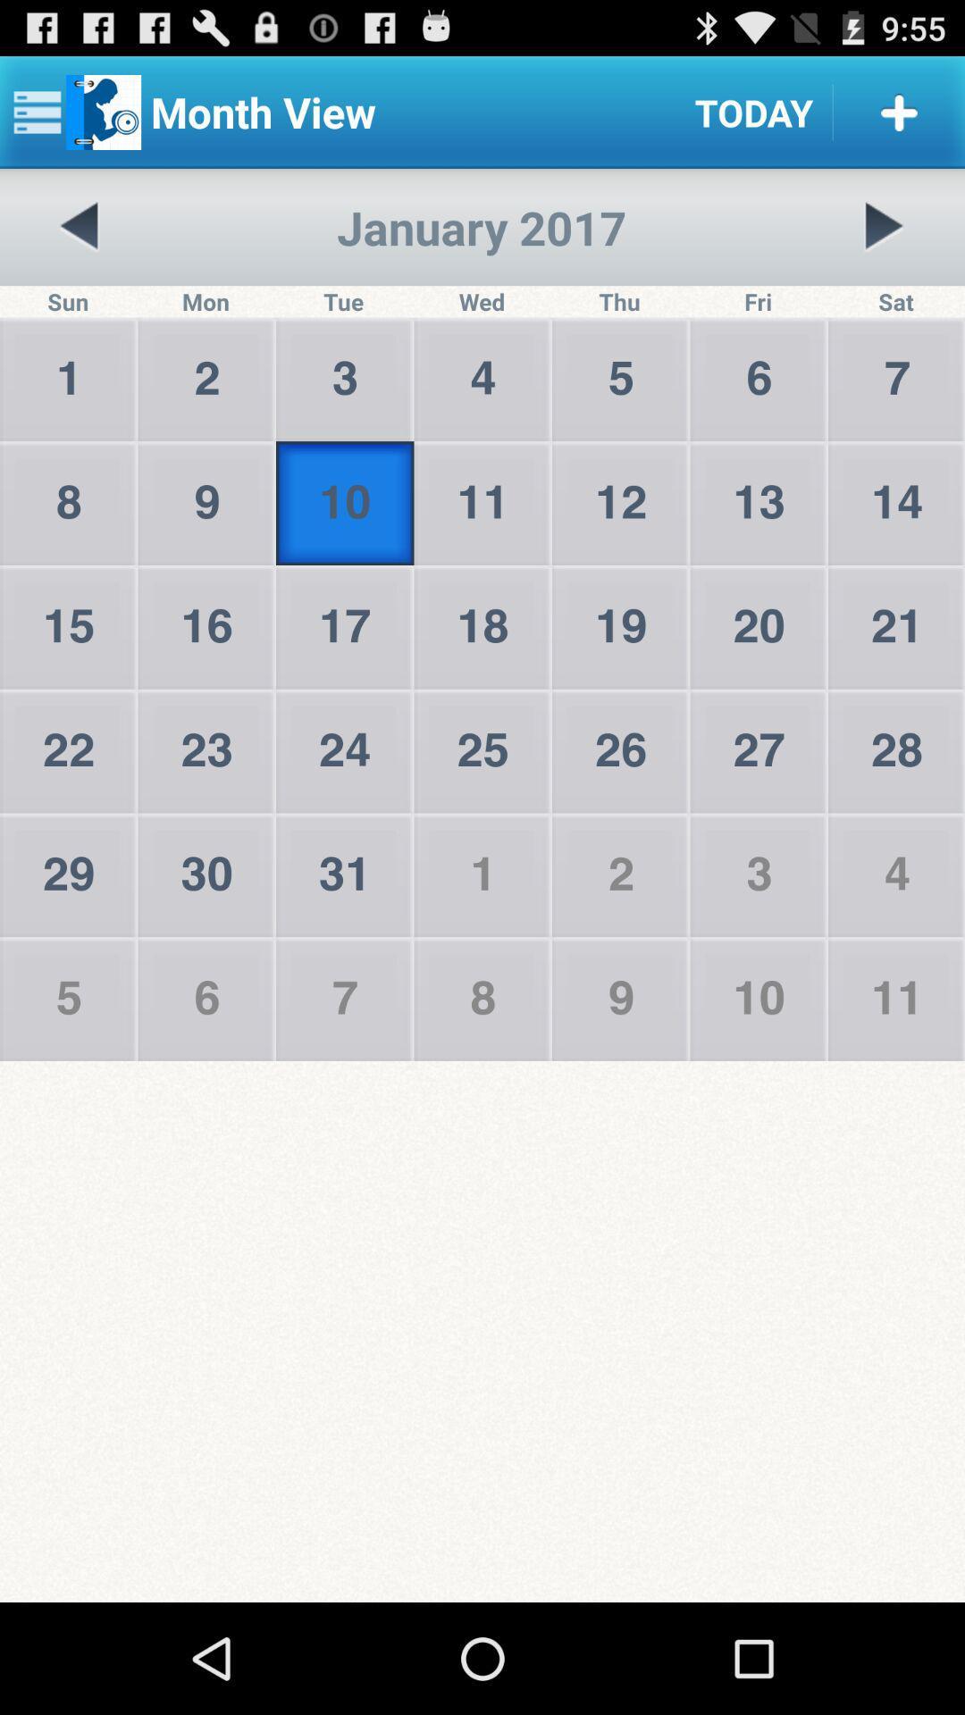 This screenshot has height=1715, width=965. Describe the element at coordinates (79, 226) in the screenshot. I see `go back` at that location.